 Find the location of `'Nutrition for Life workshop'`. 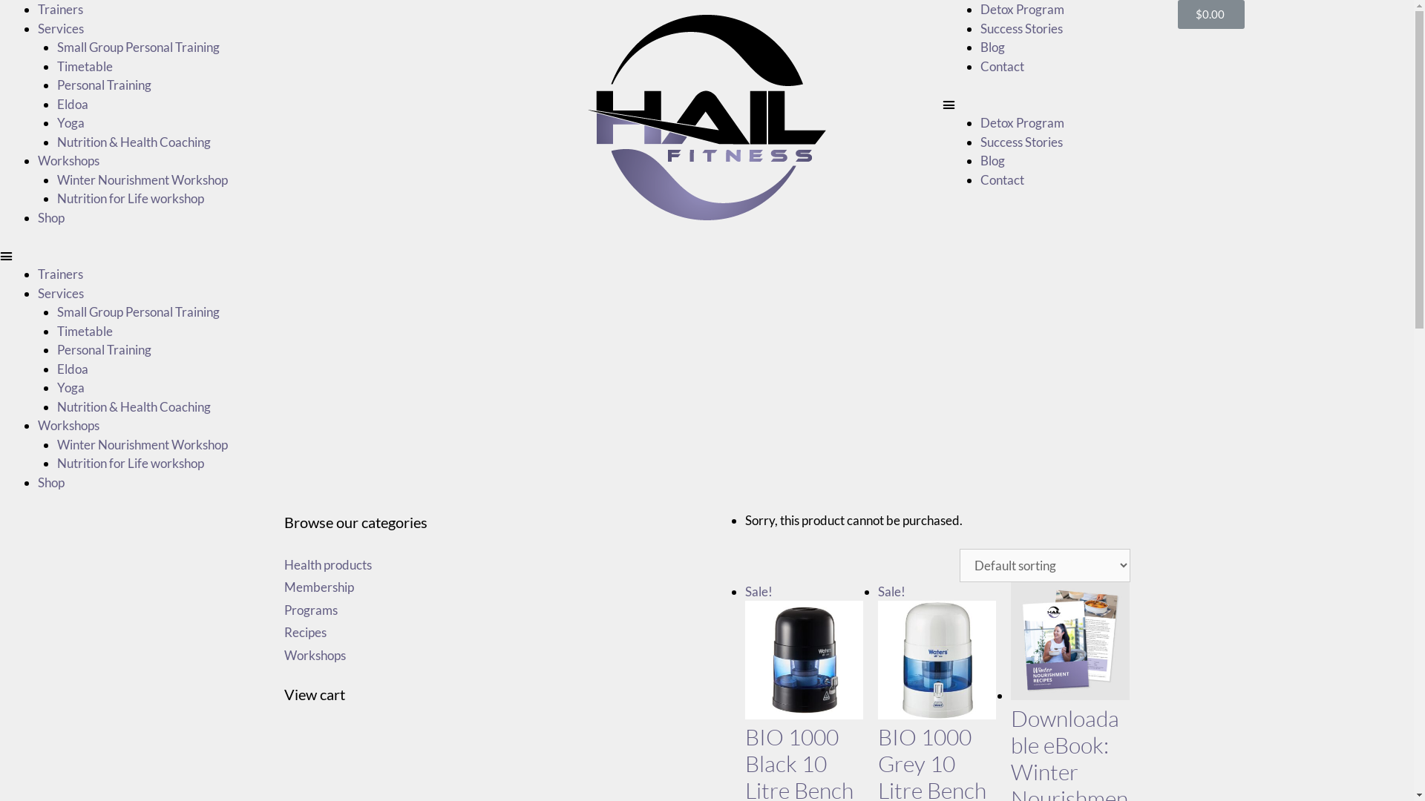

'Nutrition for Life workshop' is located at coordinates (129, 462).